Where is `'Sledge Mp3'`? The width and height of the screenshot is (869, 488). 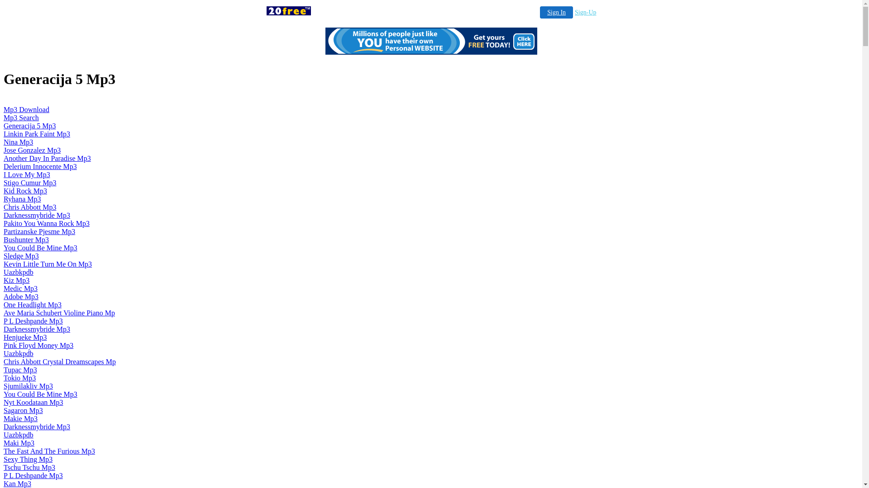 'Sledge Mp3' is located at coordinates (21, 256).